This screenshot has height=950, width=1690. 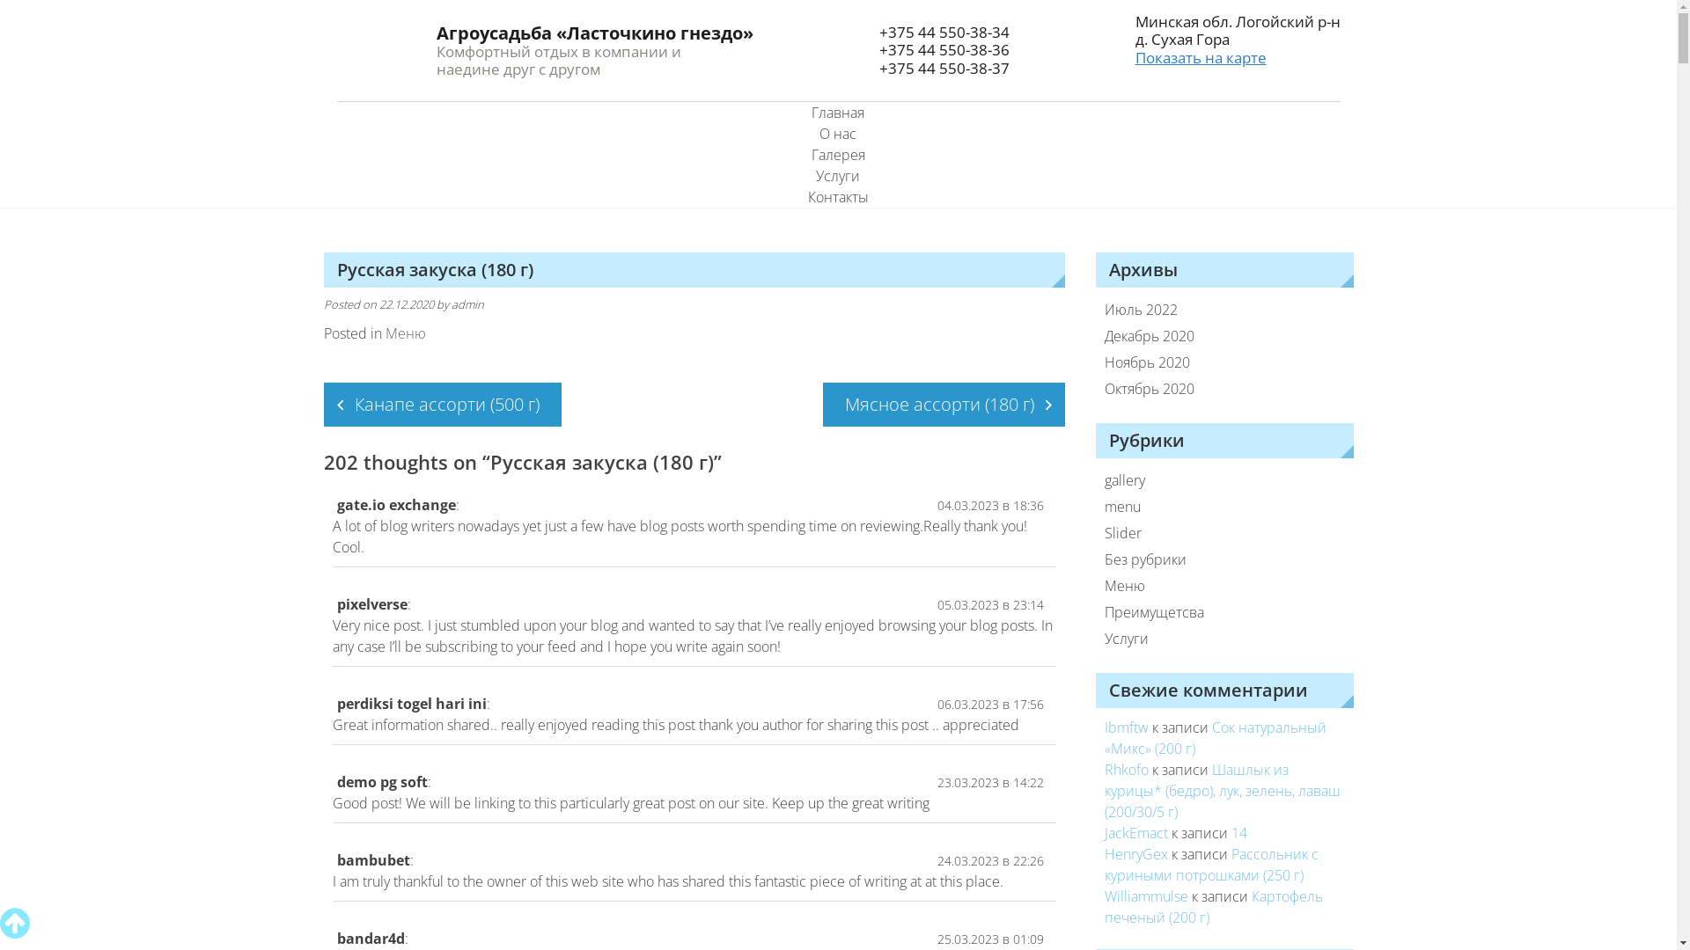 I want to click on '22.12.2020', so click(x=378, y=303).